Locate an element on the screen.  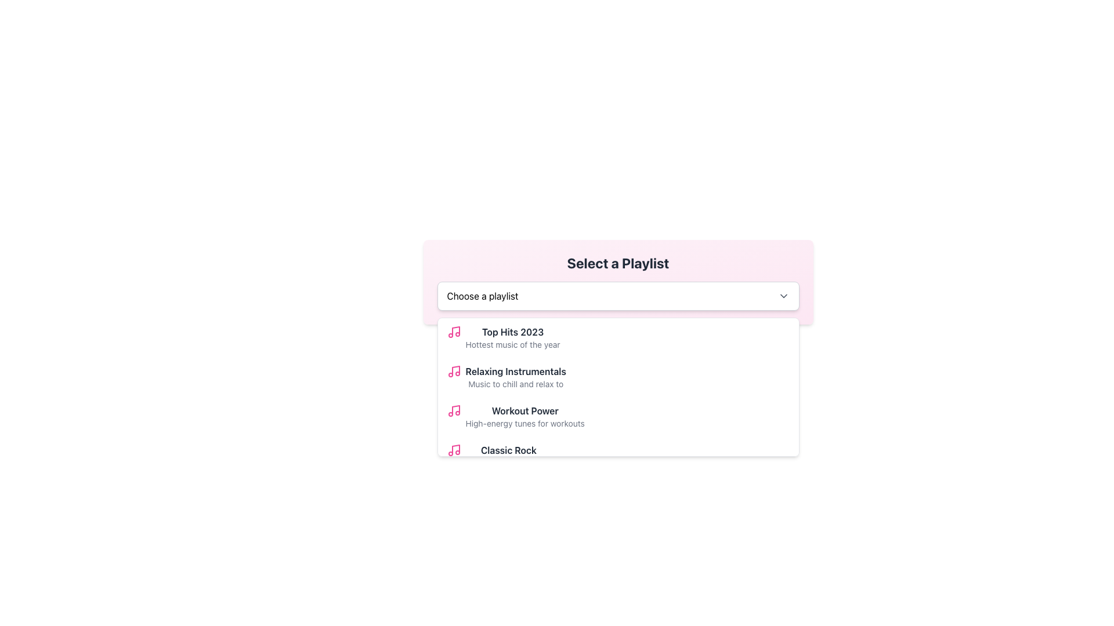
the downward-pointing chevron icon that indicates a dropdown menu, located to the far right of the 'Choose a playlist' text is located at coordinates (783, 295).